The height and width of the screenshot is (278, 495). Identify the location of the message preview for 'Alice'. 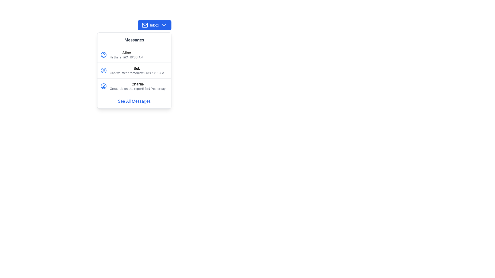
(134, 55).